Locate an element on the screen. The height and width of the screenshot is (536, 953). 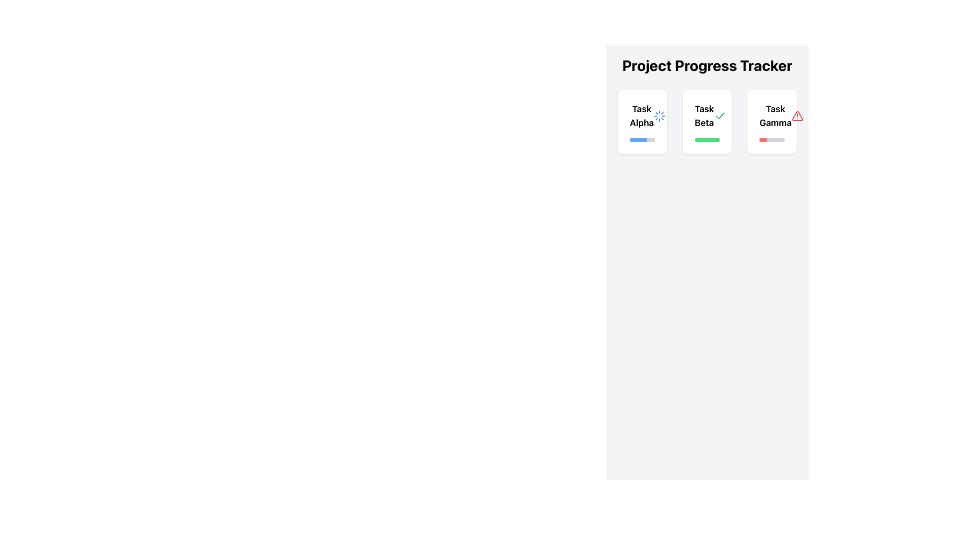
bold, large-font text labeled 'Task Gamma' located at the top of the third card under the 'Project Progress Tracker' heading is located at coordinates (775, 116).